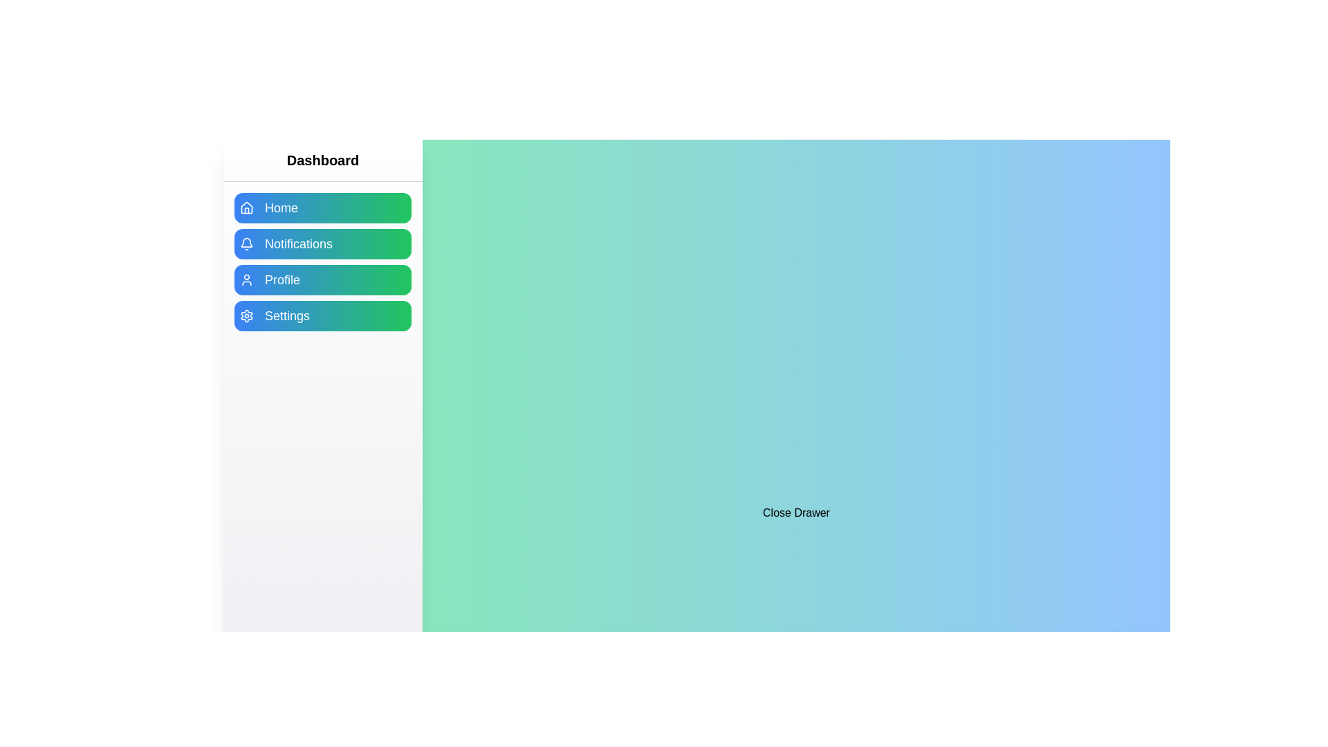 The image size is (1328, 747). Describe the element at coordinates (322, 315) in the screenshot. I see `the menu item labeled Settings` at that location.